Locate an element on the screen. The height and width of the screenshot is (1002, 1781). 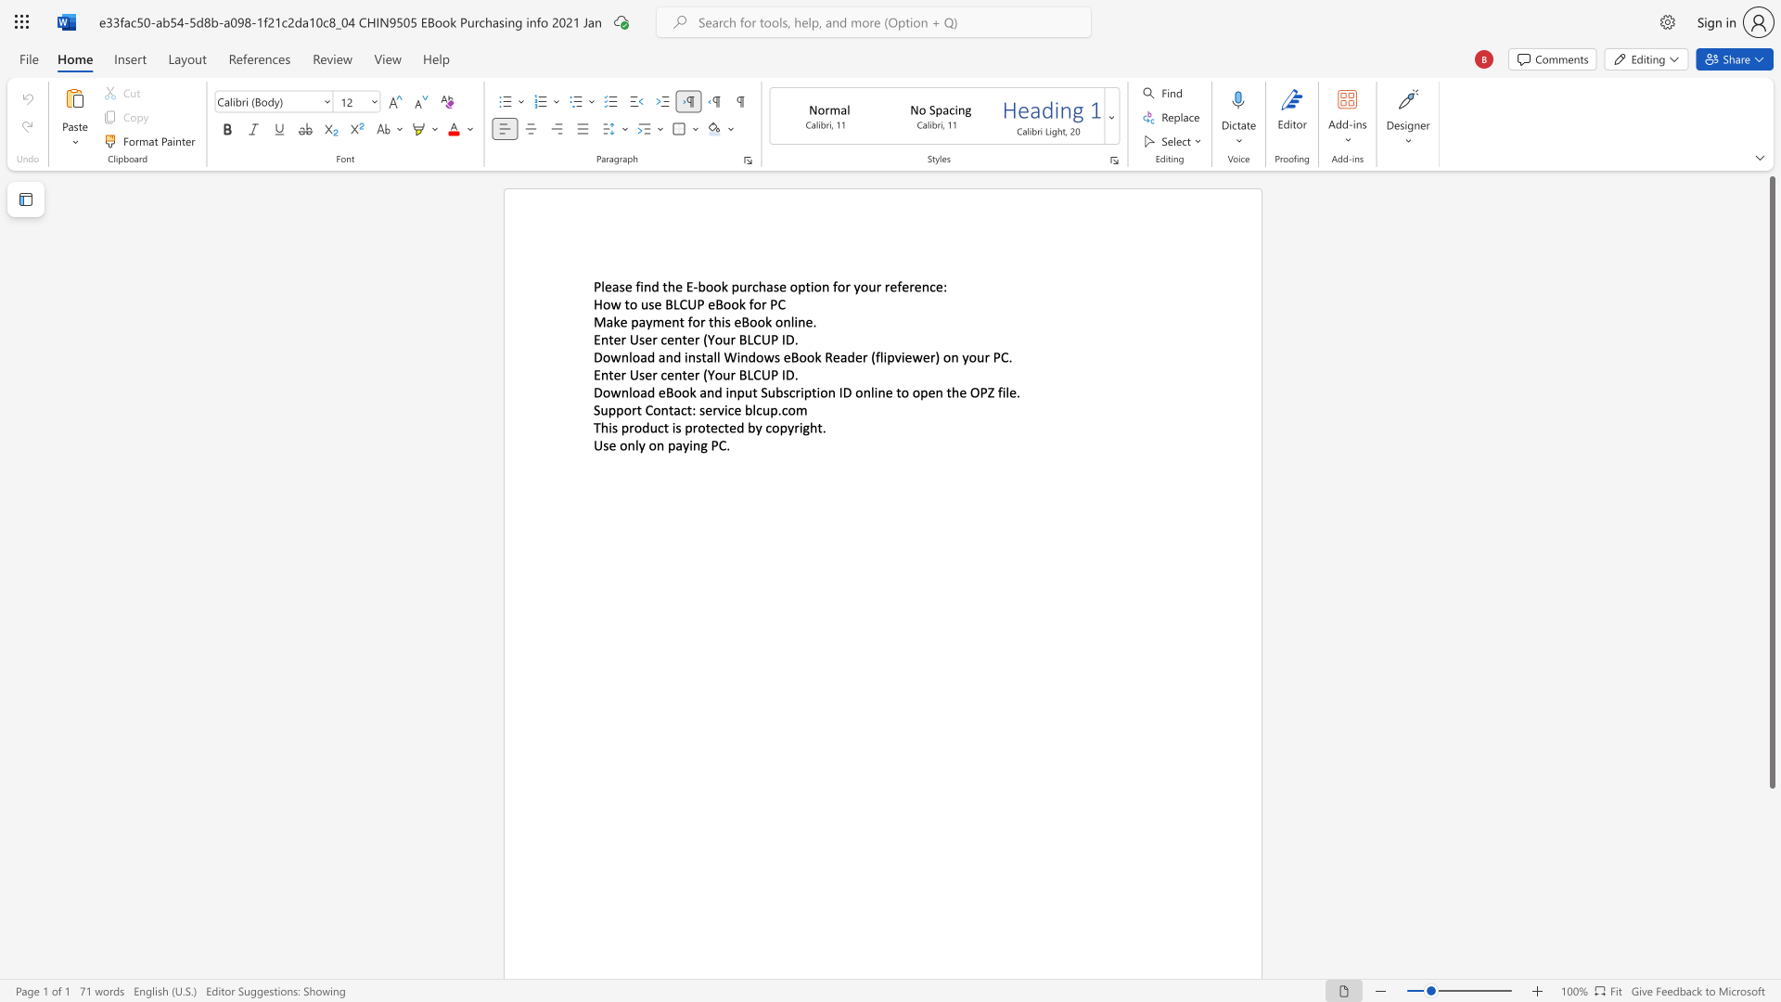
the scrollbar to scroll the page down is located at coordinates (1771, 872).